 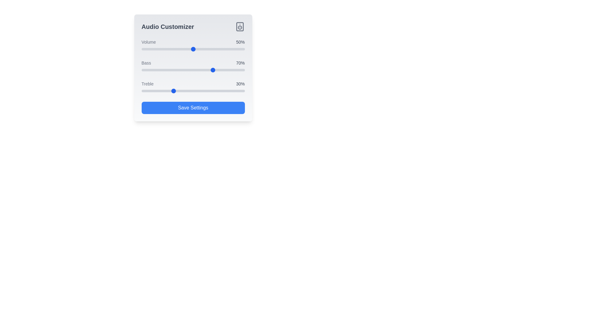 I want to click on the treble slider to set the treble level to 25%, so click(x=167, y=91).